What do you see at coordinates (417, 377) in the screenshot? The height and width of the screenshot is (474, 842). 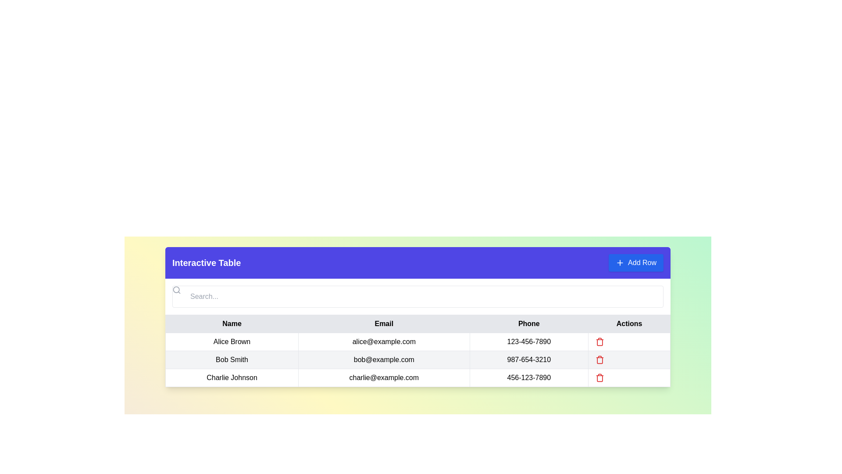 I see `the third row` at bounding box center [417, 377].